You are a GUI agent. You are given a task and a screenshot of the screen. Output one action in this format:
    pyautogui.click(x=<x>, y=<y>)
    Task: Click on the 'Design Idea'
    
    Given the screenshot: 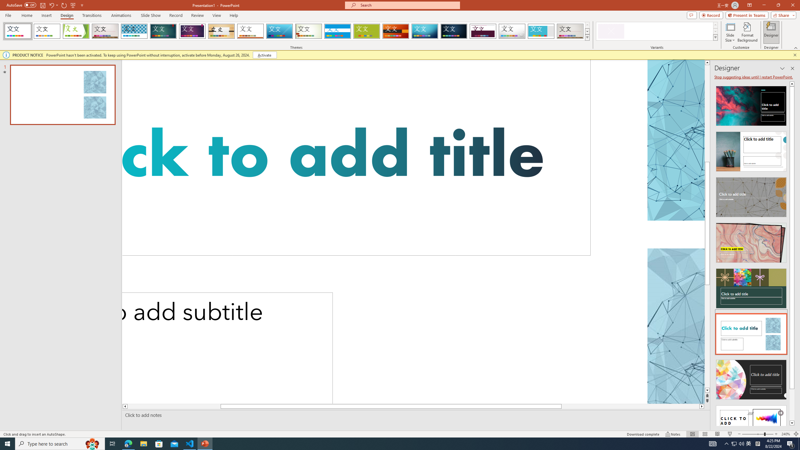 What is the action you would take?
    pyautogui.click(x=751, y=423)
    